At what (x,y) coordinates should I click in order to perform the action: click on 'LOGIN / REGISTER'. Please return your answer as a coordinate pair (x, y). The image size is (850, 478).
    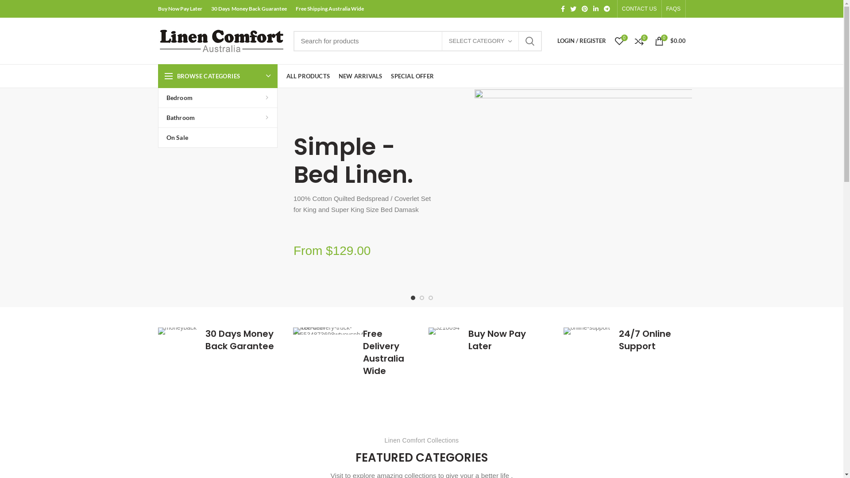
    Looking at the image, I should click on (581, 41).